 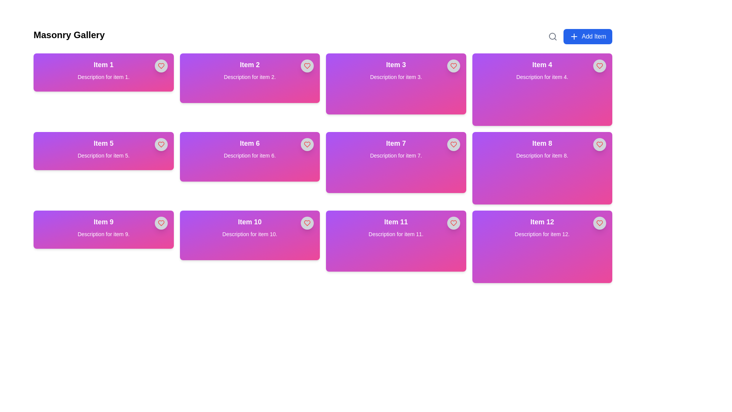 I want to click on the circular button with a gray background and a heart symbol outlined in red, located in the top-right corner of the box labeled 'Item 10', so click(x=307, y=223).